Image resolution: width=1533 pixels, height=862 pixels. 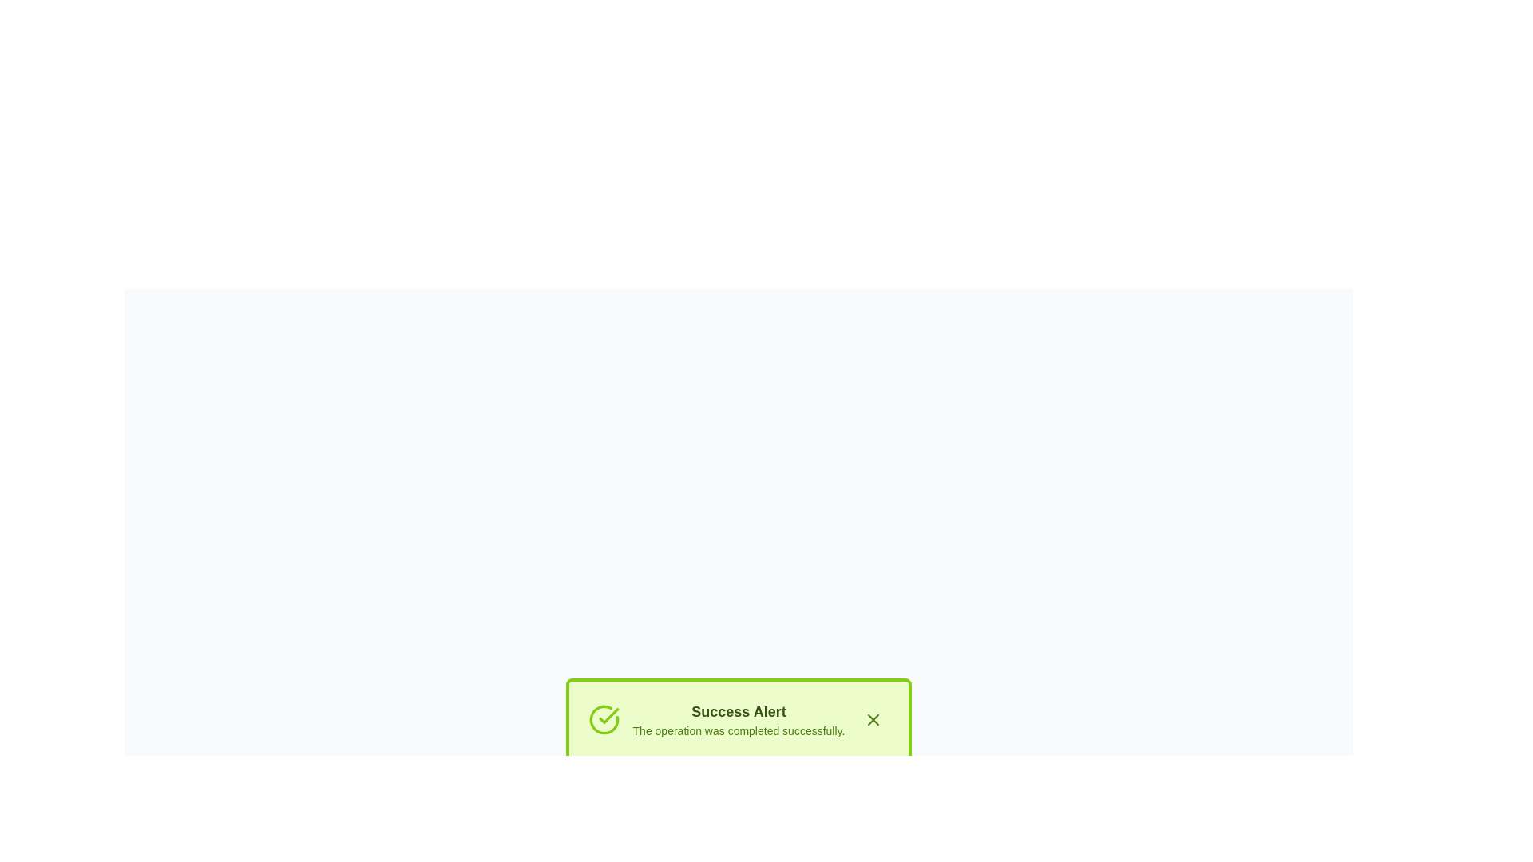 I want to click on the bold title text label for the success notification message, which is positioned above the message 'The operation was completed successfully.', so click(x=738, y=710).